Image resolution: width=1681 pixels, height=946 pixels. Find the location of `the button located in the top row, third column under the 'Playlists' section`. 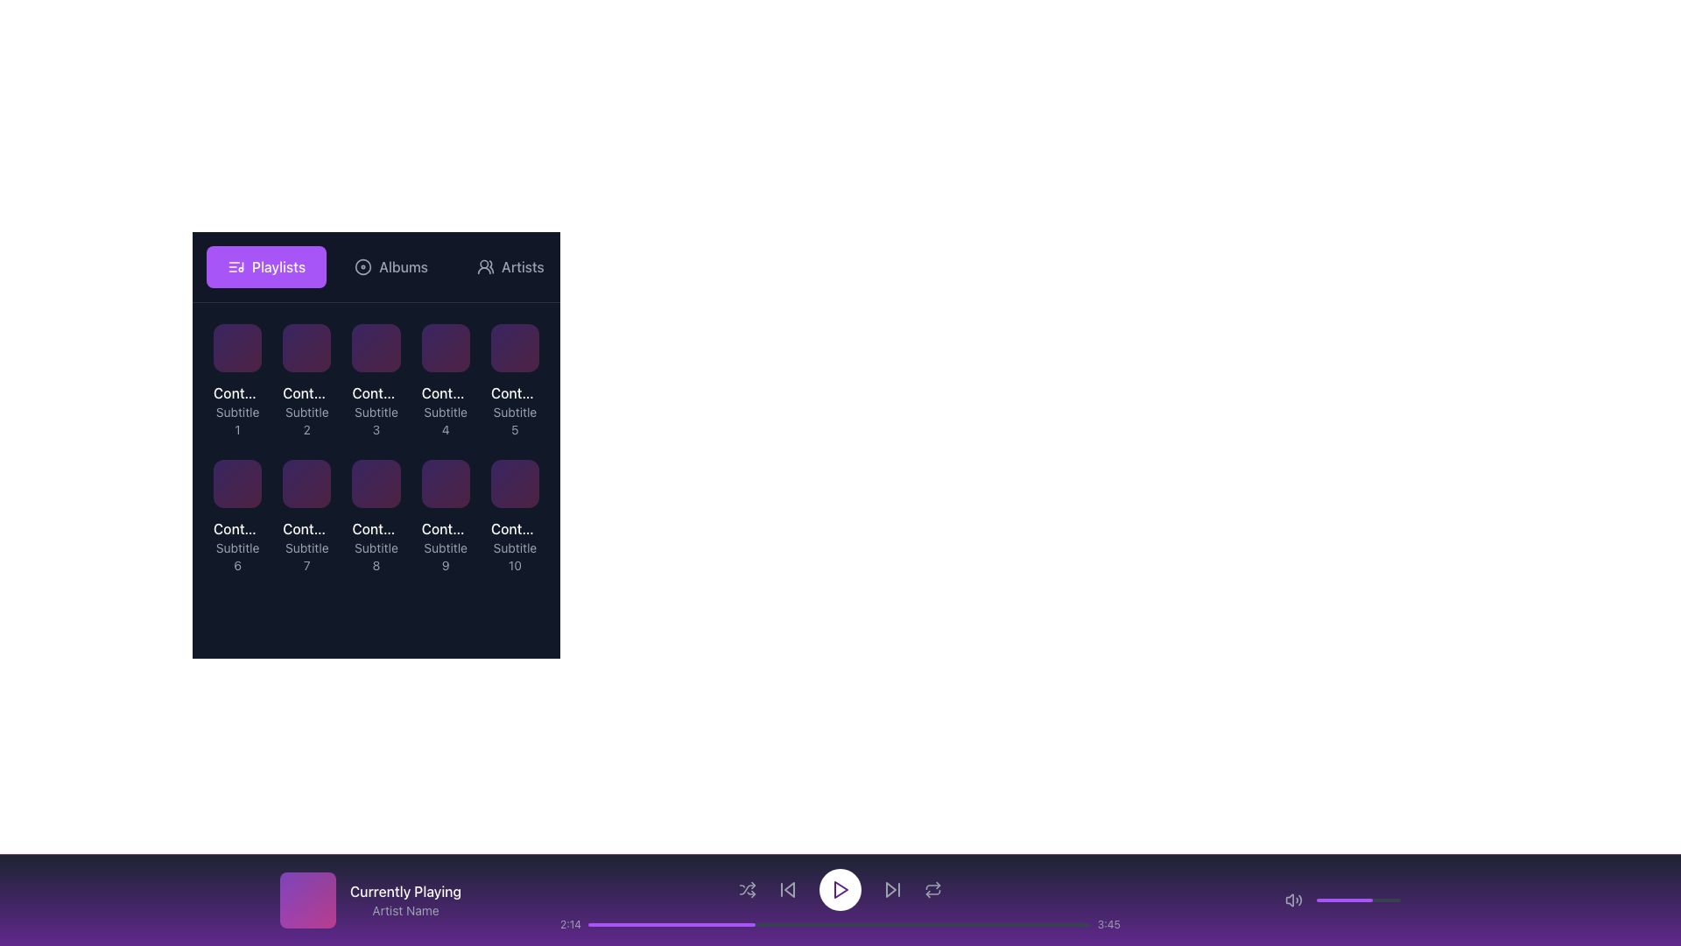

the button located in the top row, third column under the 'Playlists' section is located at coordinates (376, 348).